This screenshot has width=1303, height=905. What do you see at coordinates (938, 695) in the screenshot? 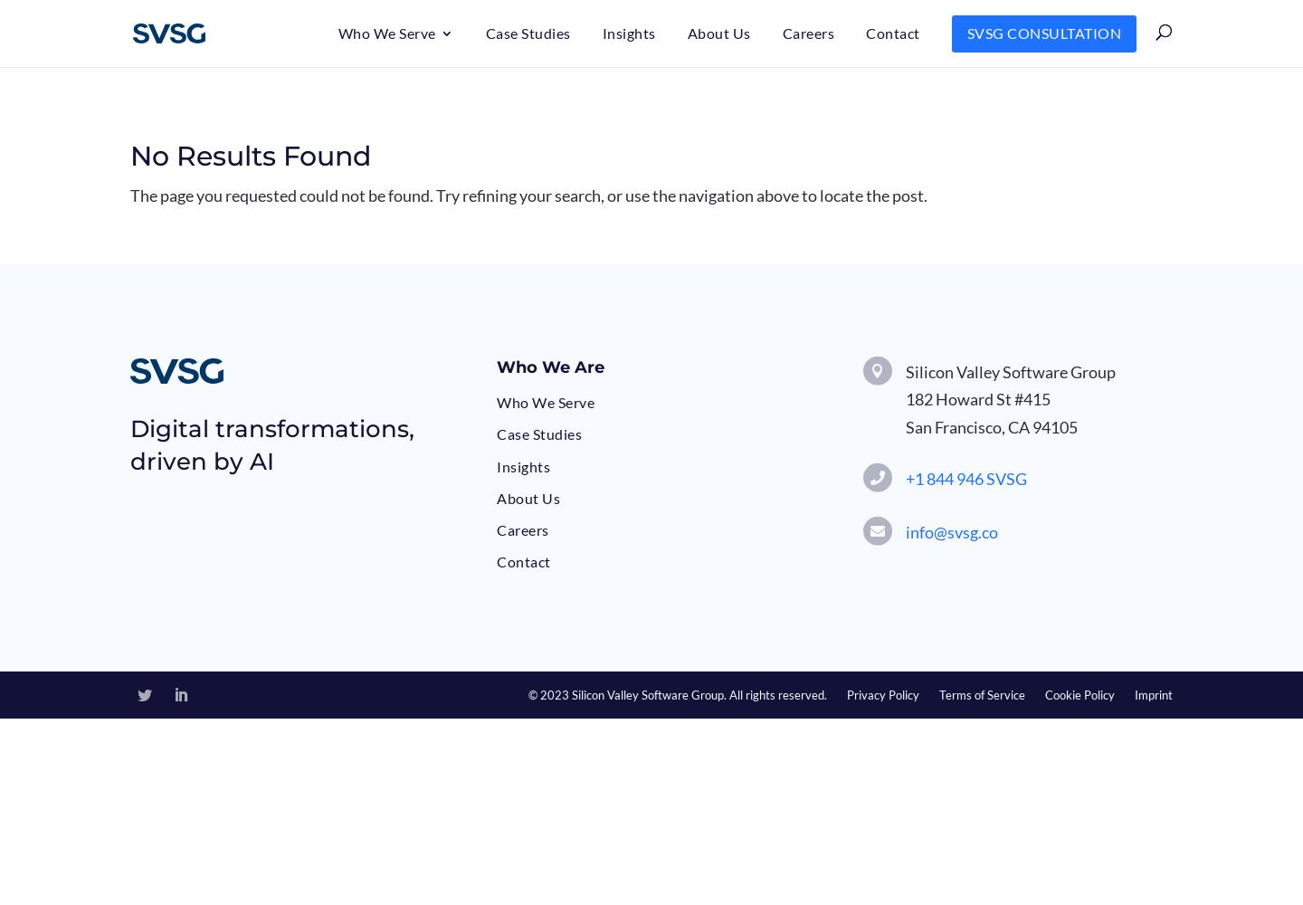
I see `'Terms of Service'` at bounding box center [938, 695].